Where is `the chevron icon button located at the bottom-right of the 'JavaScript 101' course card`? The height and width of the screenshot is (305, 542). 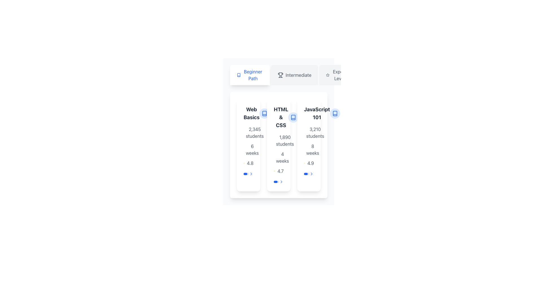 the chevron icon button located at the bottom-right of the 'JavaScript 101' course card is located at coordinates (311, 174).